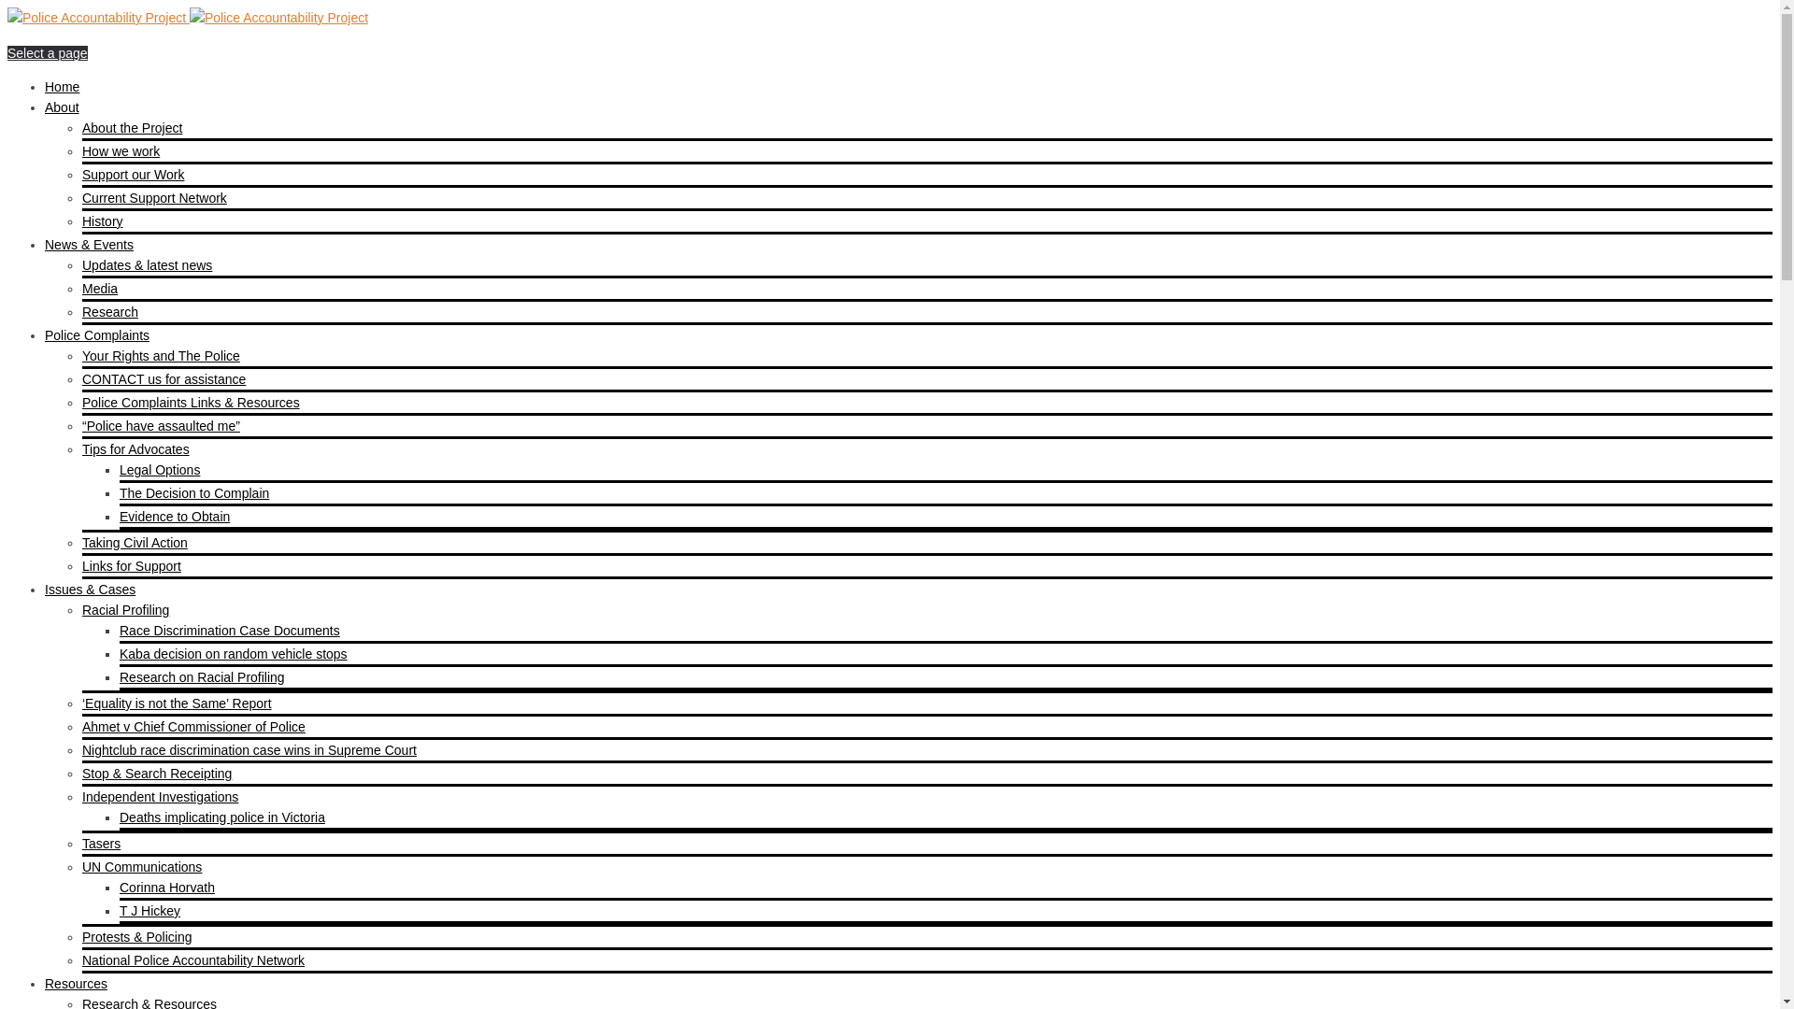  I want to click on 'Your Rights and The Police', so click(161, 356).